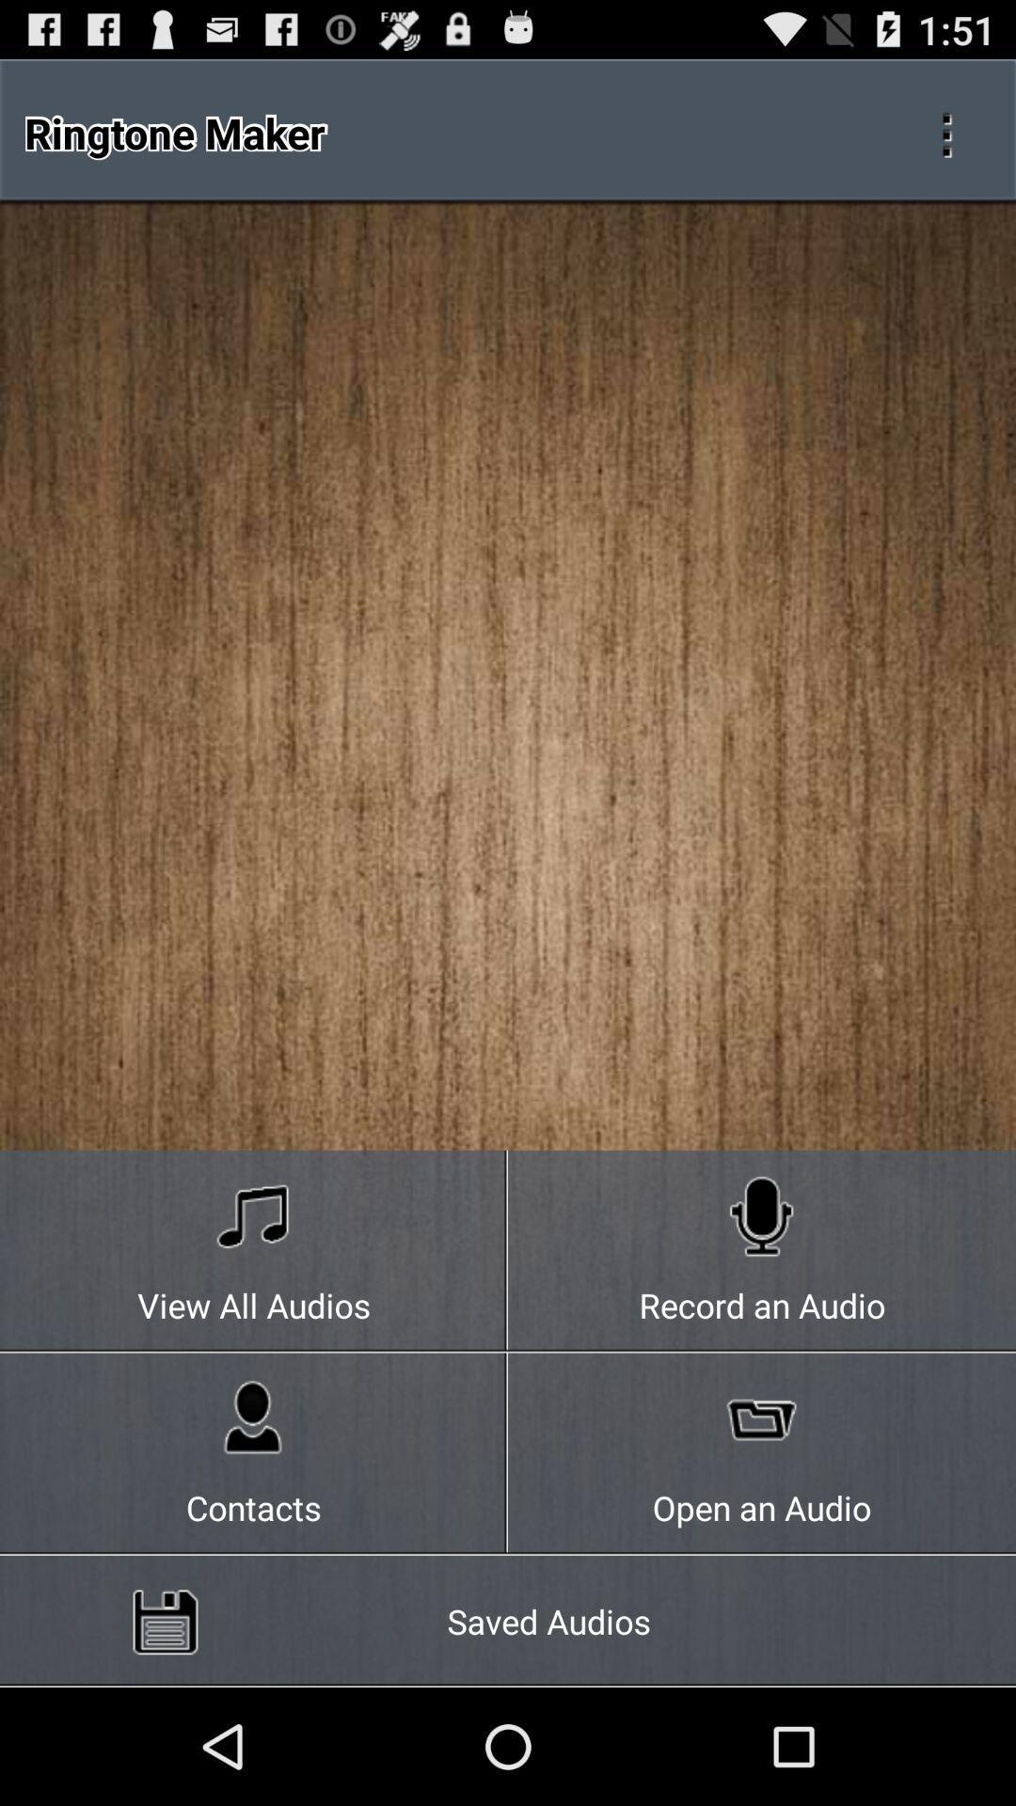 The image size is (1016, 1806). Describe the element at coordinates (946, 132) in the screenshot. I see `the icon at the top right corner` at that location.